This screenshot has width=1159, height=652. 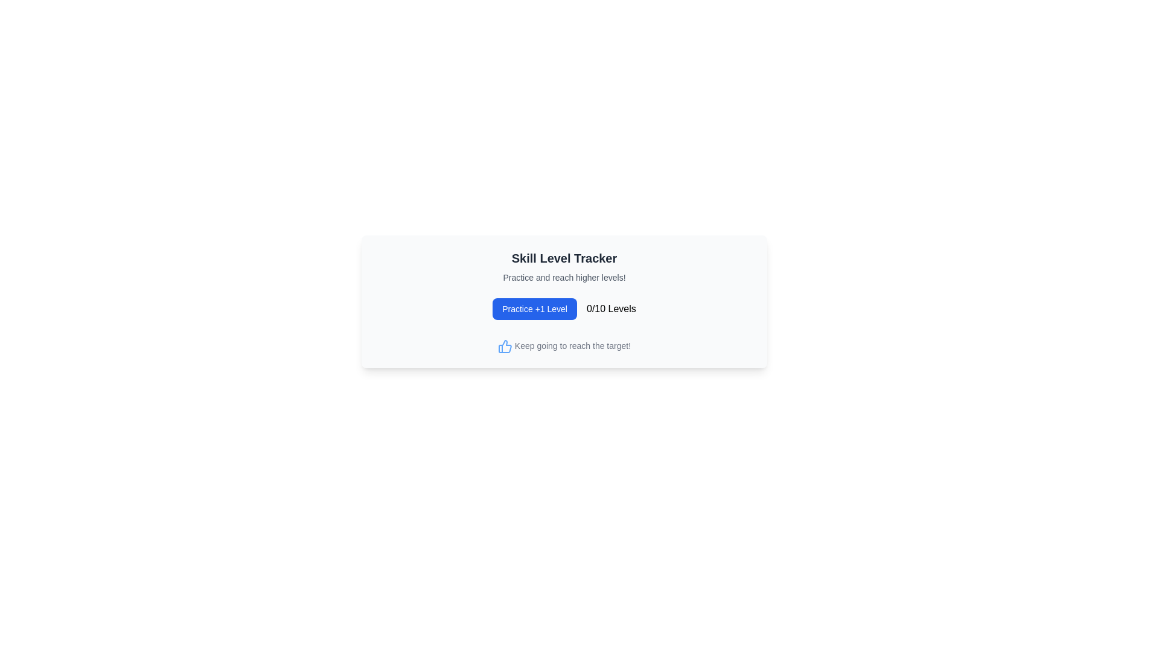 What do you see at coordinates (505, 347) in the screenshot?
I see `the thumbs-up icon, which is styled in light blue and located below the text 'Keep going to reach the target!'` at bounding box center [505, 347].